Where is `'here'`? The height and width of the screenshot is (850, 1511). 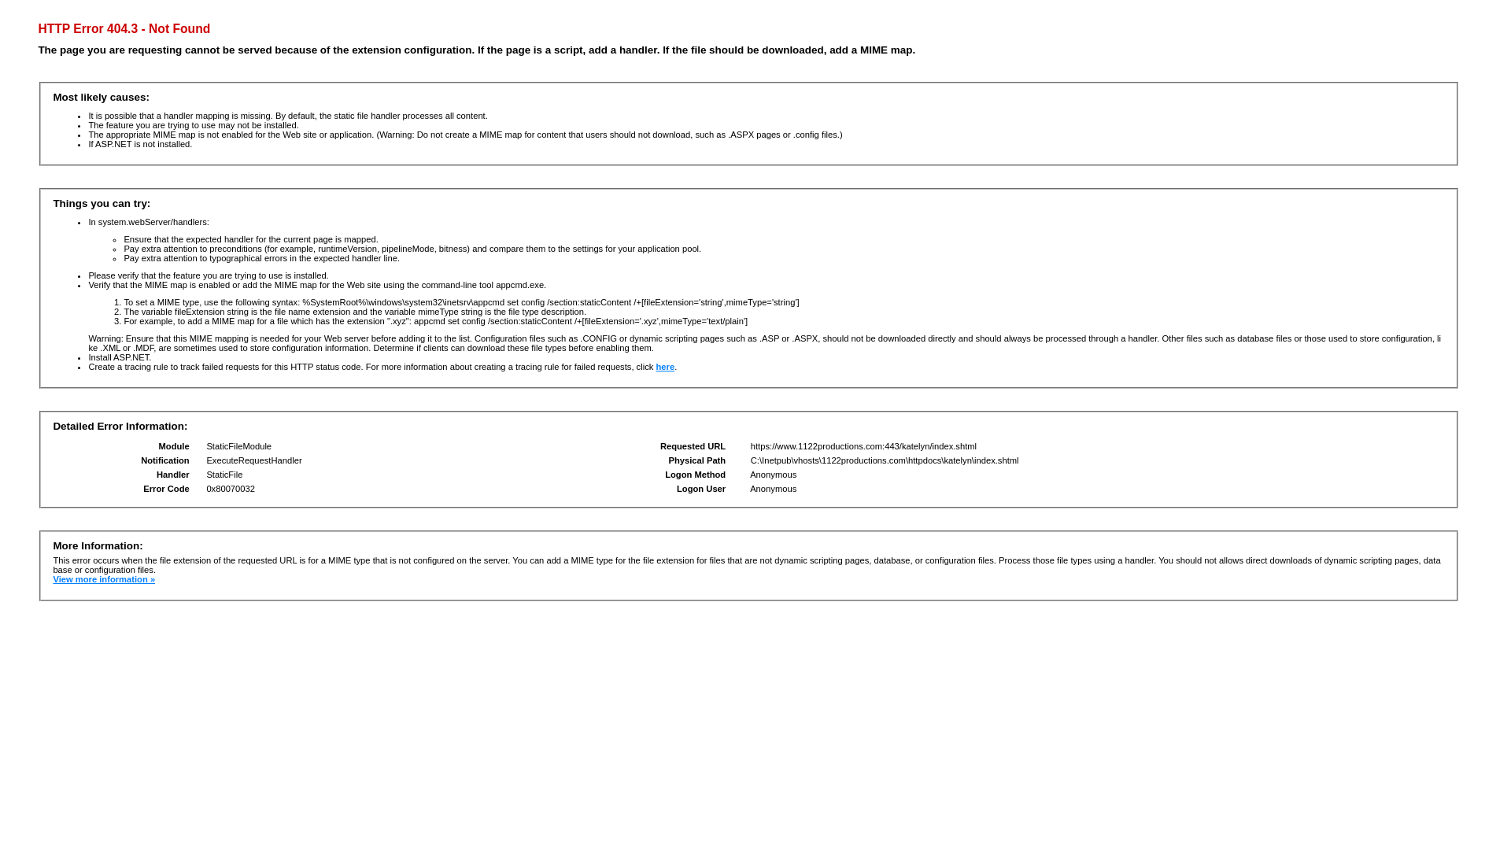 'here' is located at coordinates (664, 367).